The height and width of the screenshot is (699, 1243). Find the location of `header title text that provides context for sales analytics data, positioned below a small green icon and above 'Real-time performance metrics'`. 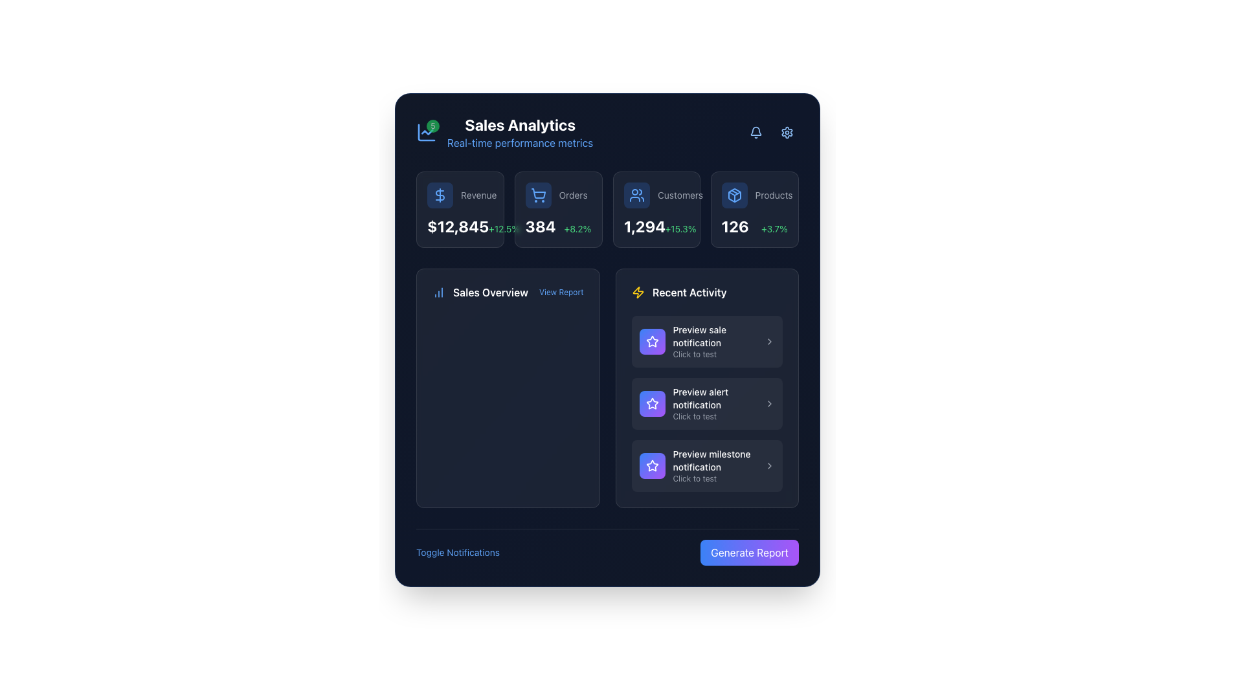

header title text that provides context for sales analytics data, positioned below a small green icon and above 'Real-time performance metrics' is located at coordinates (520, 124).